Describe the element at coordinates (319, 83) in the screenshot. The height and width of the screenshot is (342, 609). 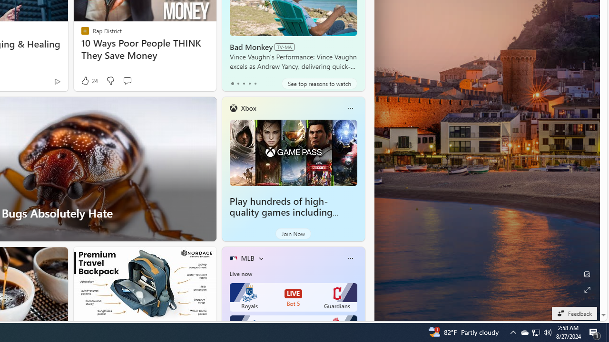
I see `'See top reasons to watch'` at that location.